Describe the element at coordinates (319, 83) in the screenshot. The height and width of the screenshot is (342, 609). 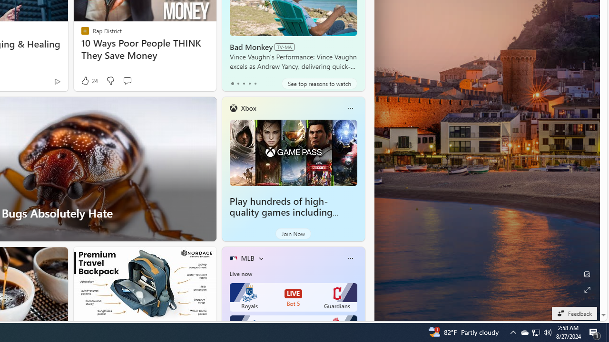
I see `'See top reasons to watch'` at that location.